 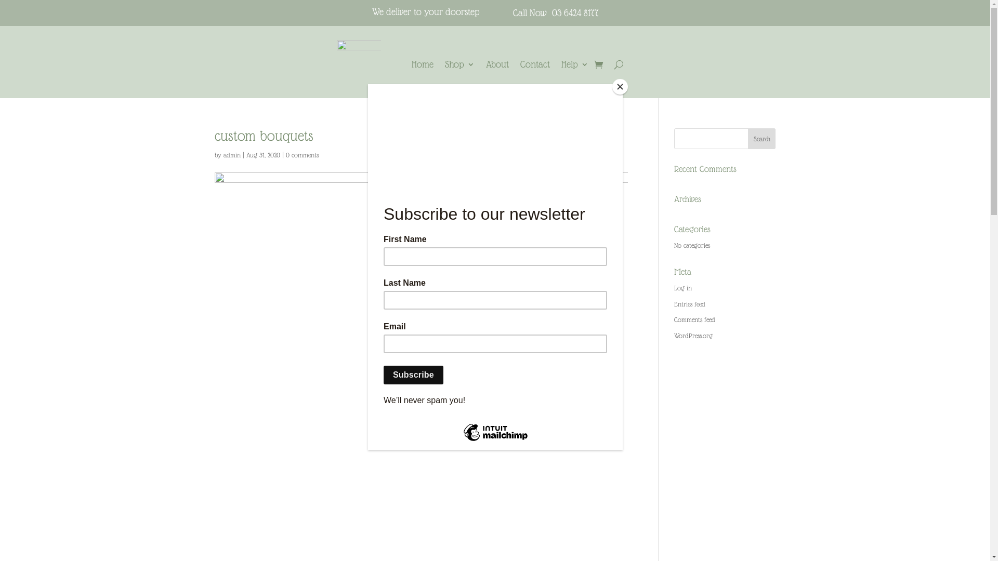 I want to click on 'Entries feed', so click(x=674, y=304).